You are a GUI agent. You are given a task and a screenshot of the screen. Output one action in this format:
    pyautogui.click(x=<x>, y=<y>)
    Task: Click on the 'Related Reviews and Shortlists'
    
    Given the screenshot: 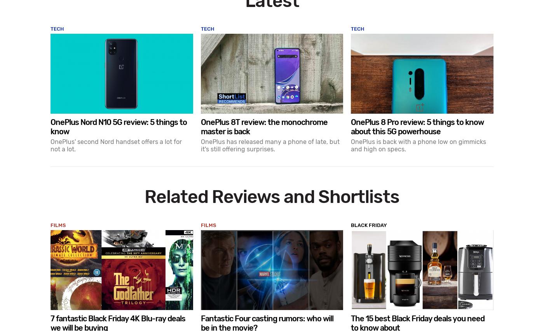 What is the action you would take?
    pyautogui.click(x=272, y=197)
    